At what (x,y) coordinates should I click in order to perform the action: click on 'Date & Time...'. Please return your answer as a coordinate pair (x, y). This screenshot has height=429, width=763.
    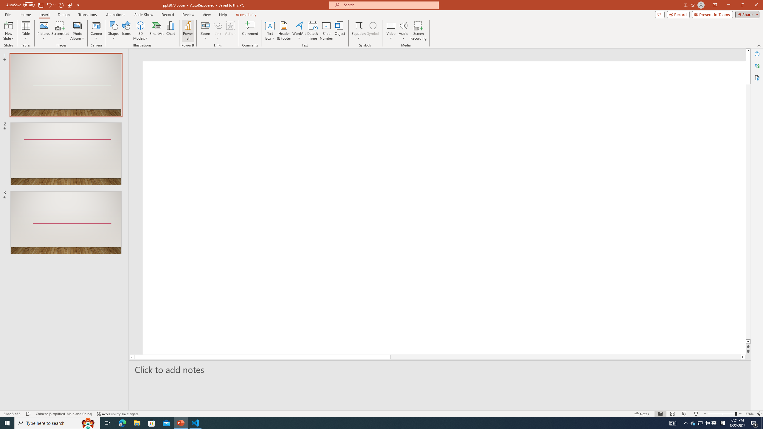
    Looking at the image, I should click on (312, 31).